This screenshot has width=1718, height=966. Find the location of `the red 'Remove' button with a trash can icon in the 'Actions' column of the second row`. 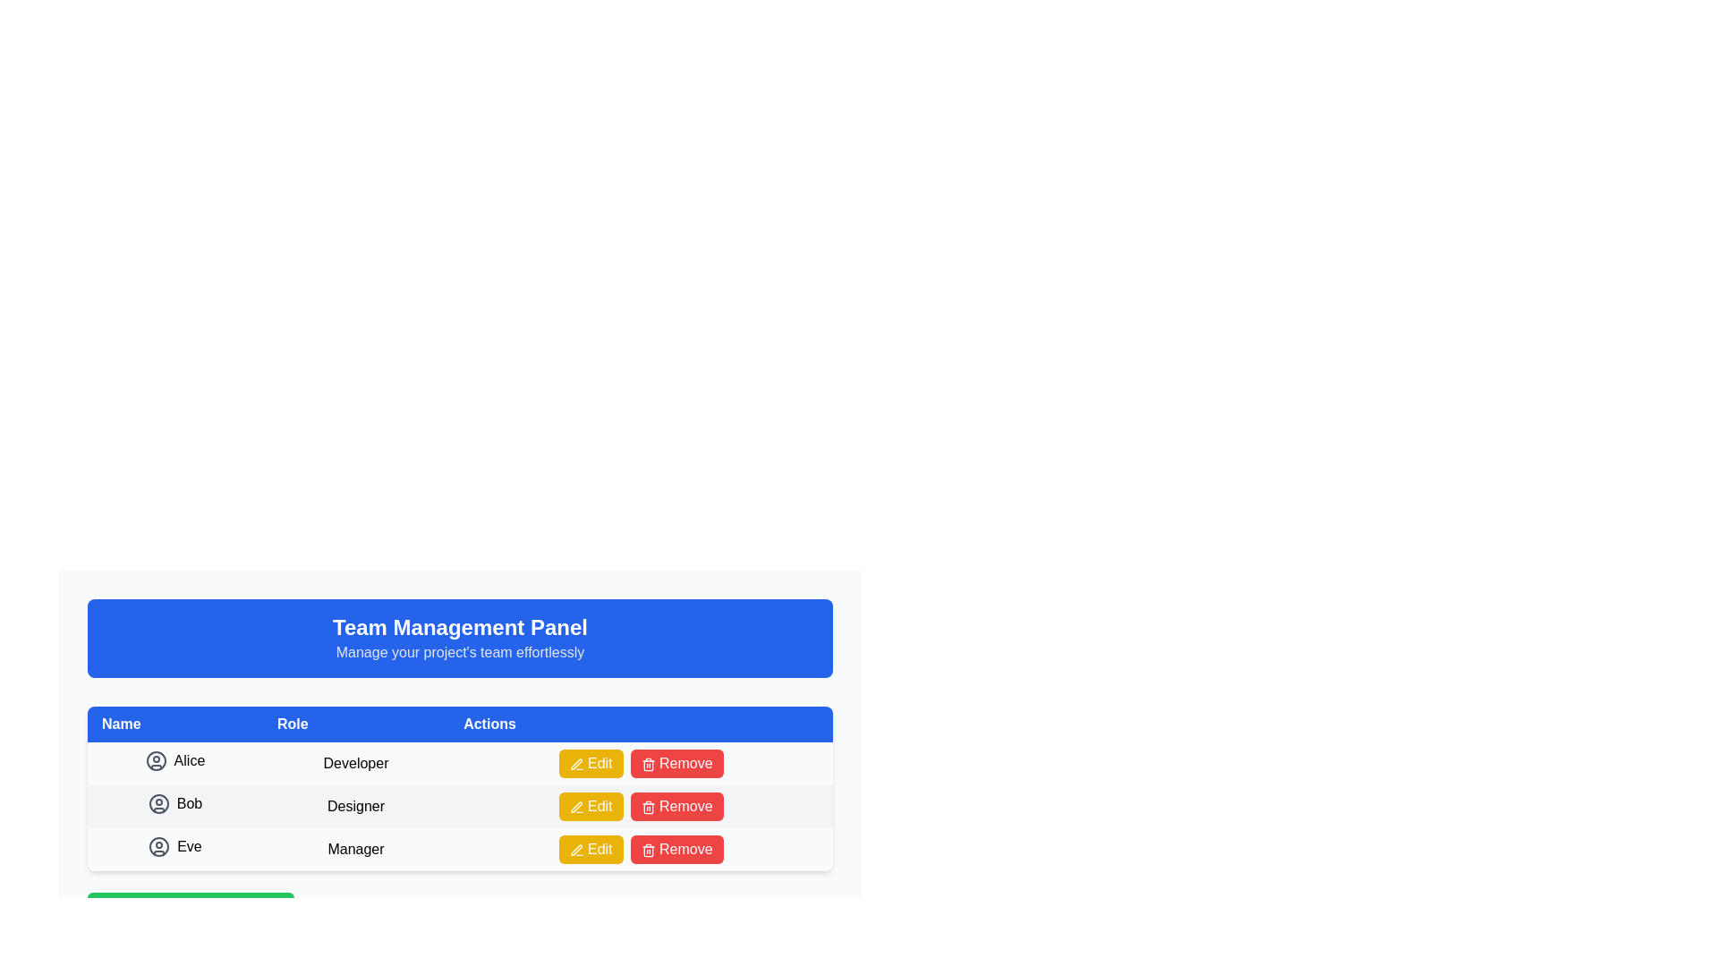

the red 'Remove' button with a trash can icon in the 'Actions' column of the second row is located at coordinates (676, 807).